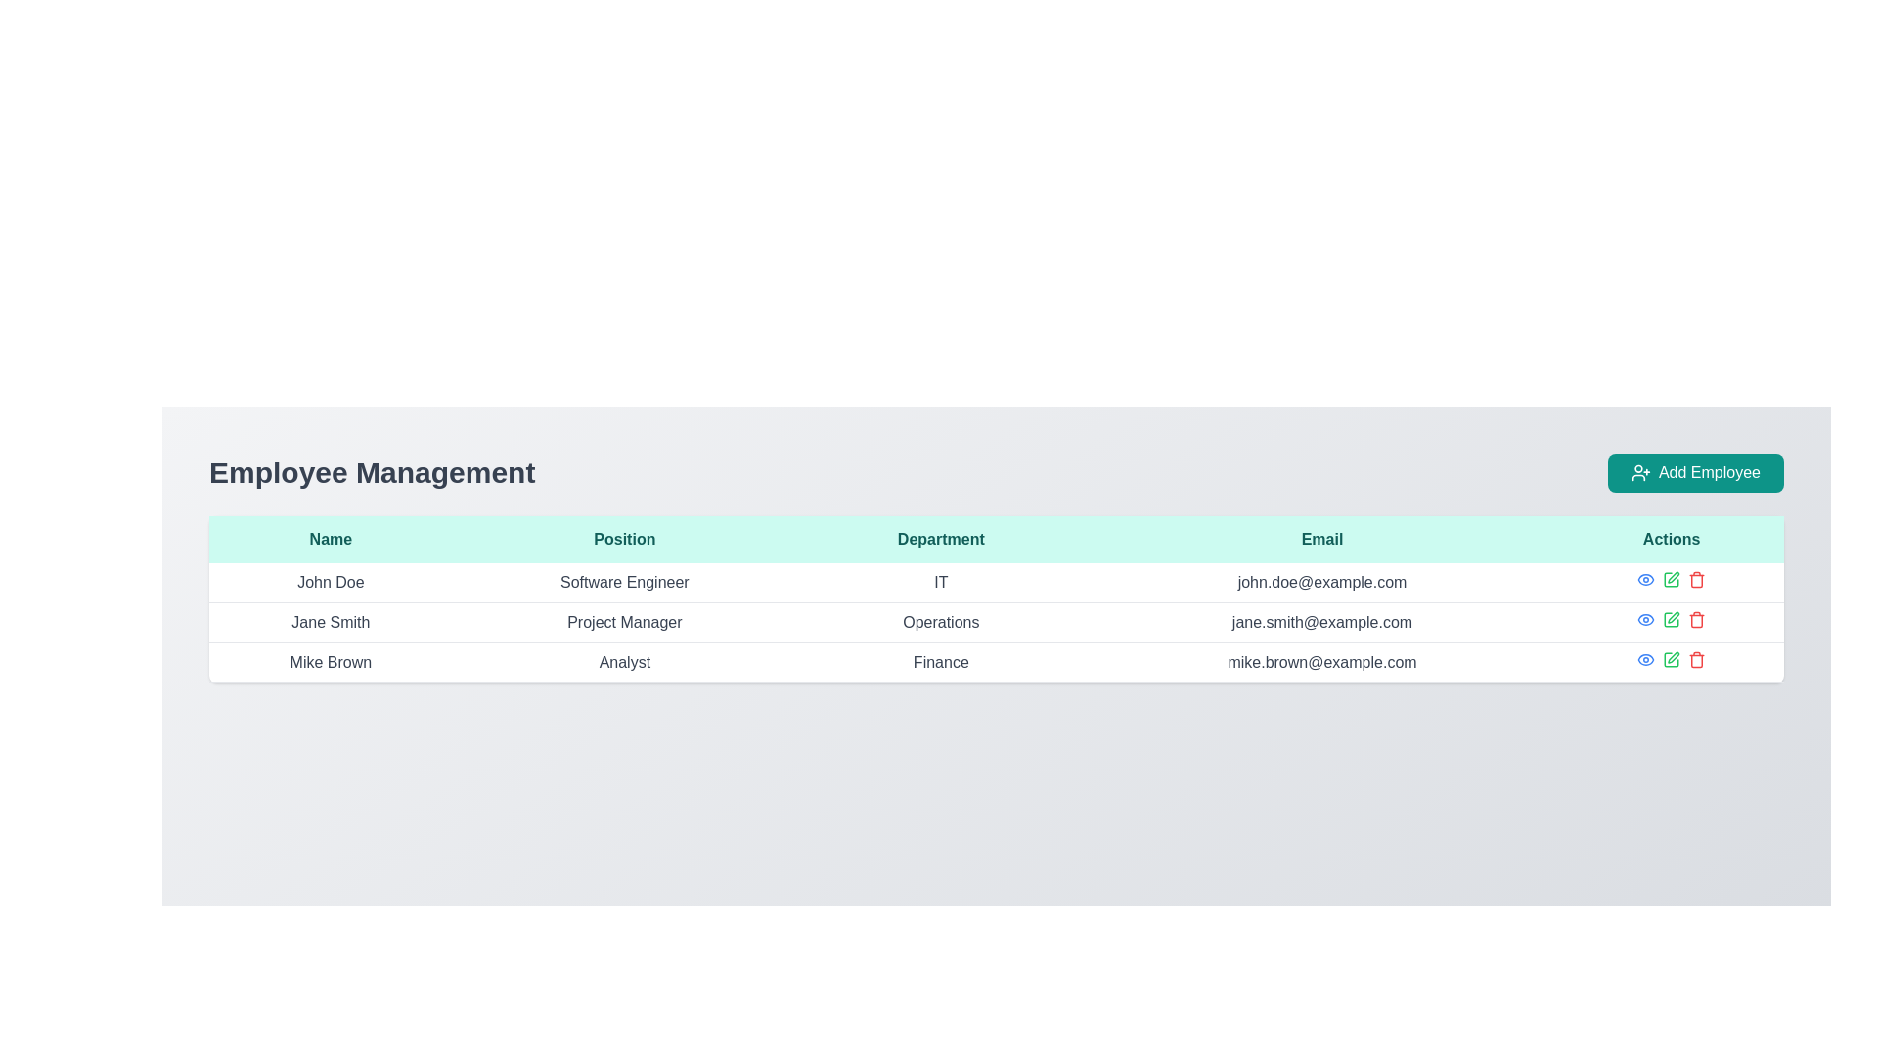  I want to click on the 'Add Employee' button located at the top-right corner of the interface, which includes an icon for adding a user or employee, so click(1640, 472).